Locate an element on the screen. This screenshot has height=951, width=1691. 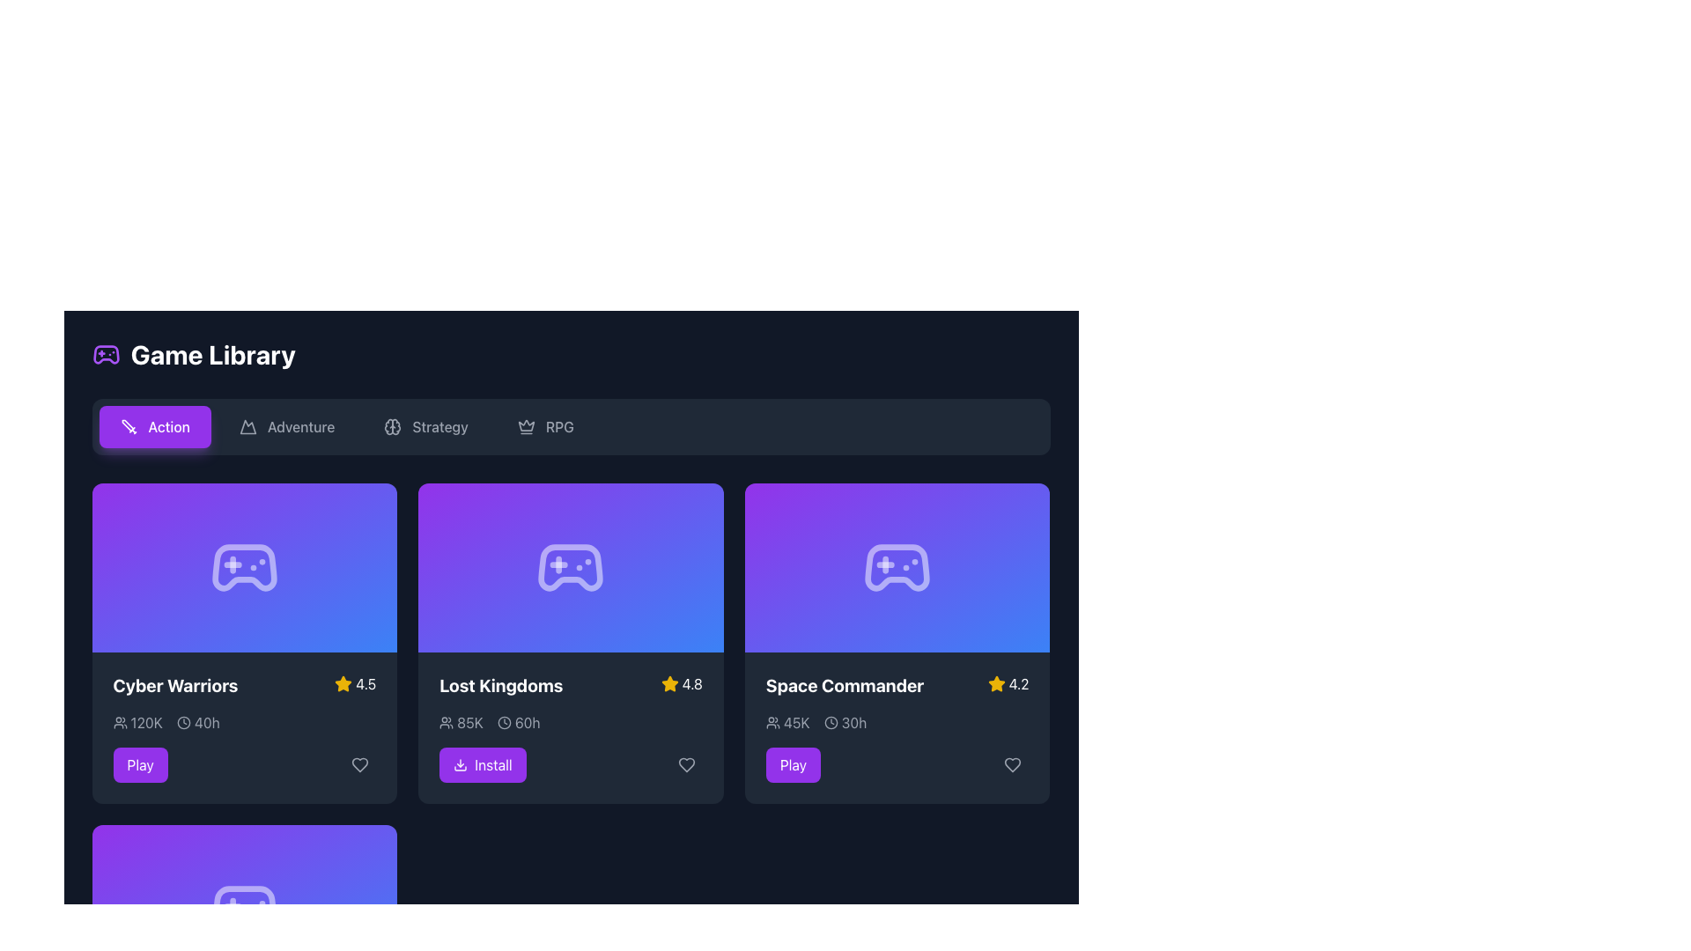
text element displaying '85K', which indicates the number of people or players associated with the game 'Lost Kingdoms', located beneath the game title and to the left of the '60h' text is located at coordinates (461, 723).